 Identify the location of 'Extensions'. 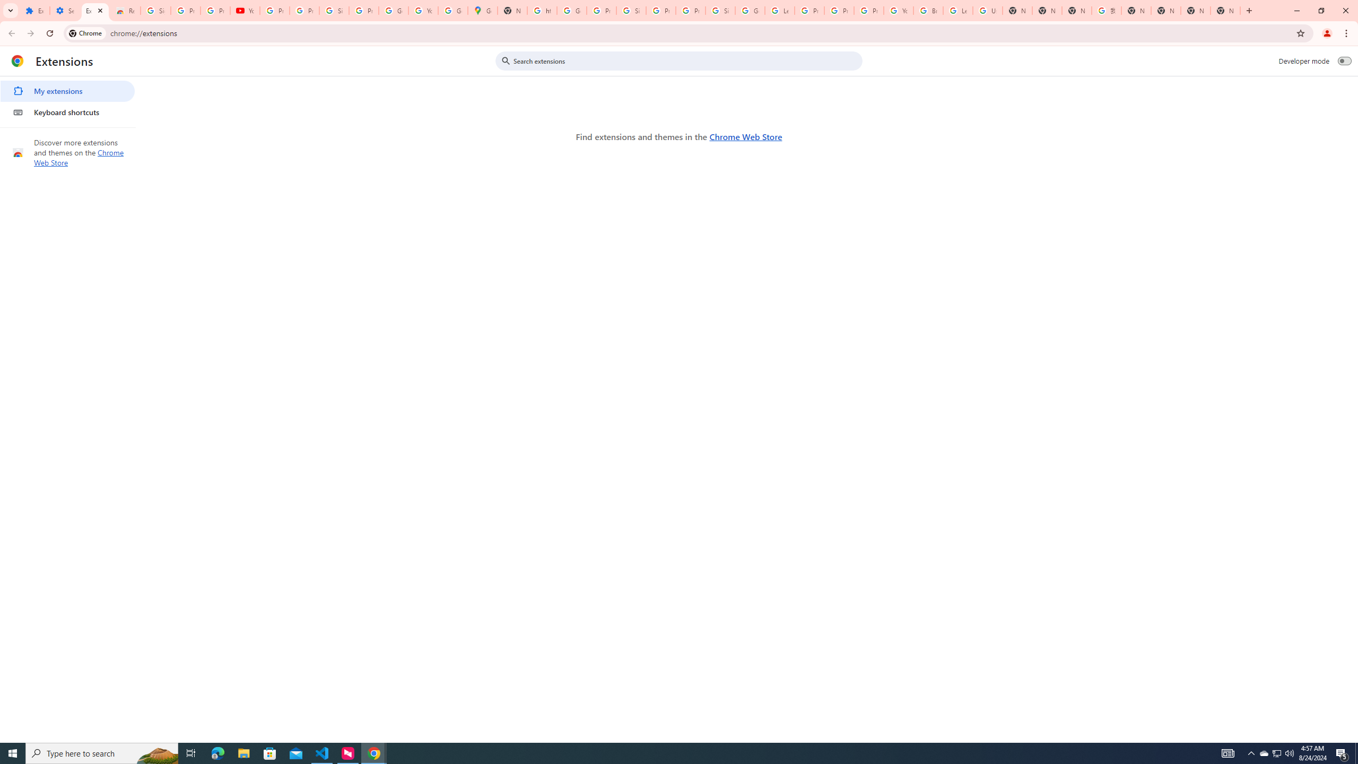
(95, 10).